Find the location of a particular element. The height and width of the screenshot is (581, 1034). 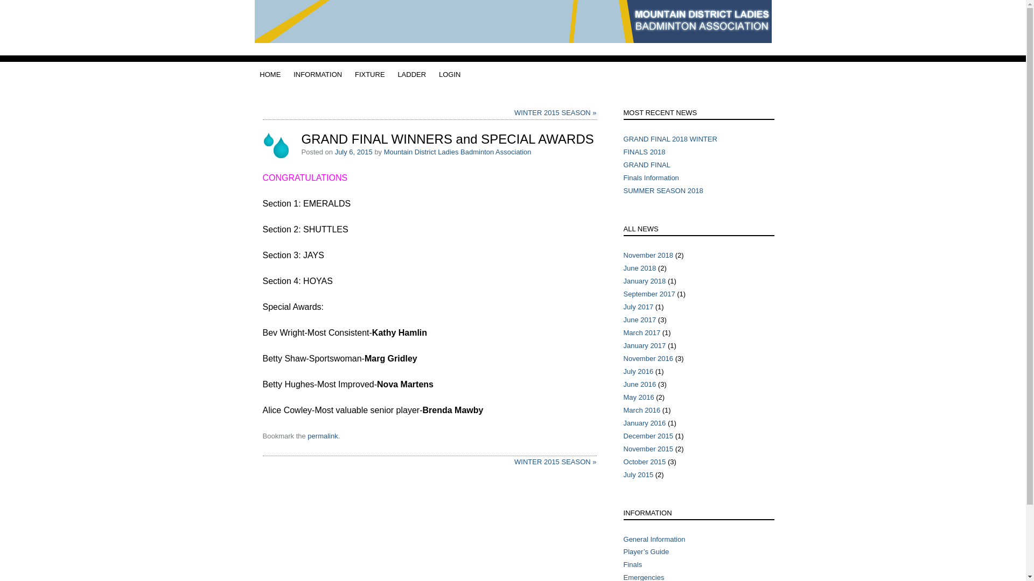

'SUMMER SEASON 2018' is located at coordinates (663, 190).